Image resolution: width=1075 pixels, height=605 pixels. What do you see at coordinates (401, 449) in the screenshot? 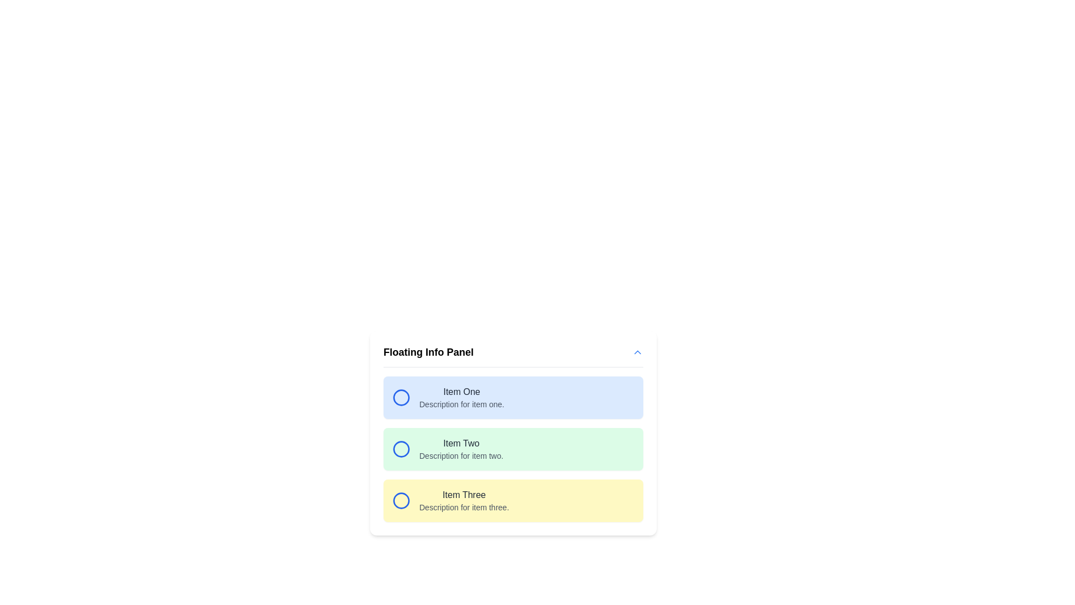
I see `the circular element located in the 'Floating Info Panel', positioned between 'Item One' and 'Item Three', adjacent to 'Item Two'` at bounding box center [401, 449].